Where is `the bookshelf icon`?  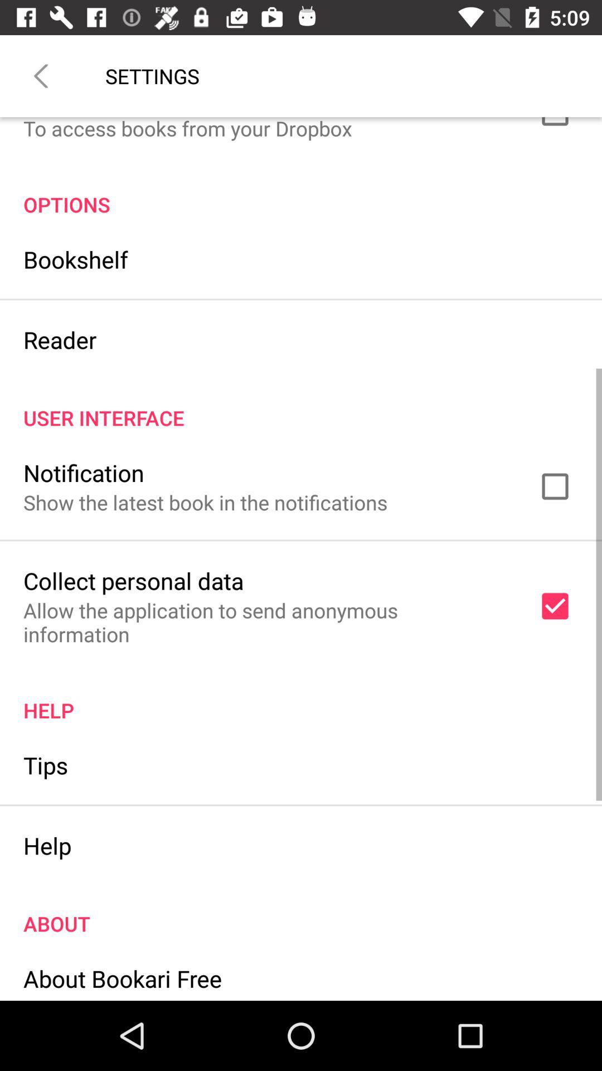
the bookshelf icon is located at coordinates (75, 259).